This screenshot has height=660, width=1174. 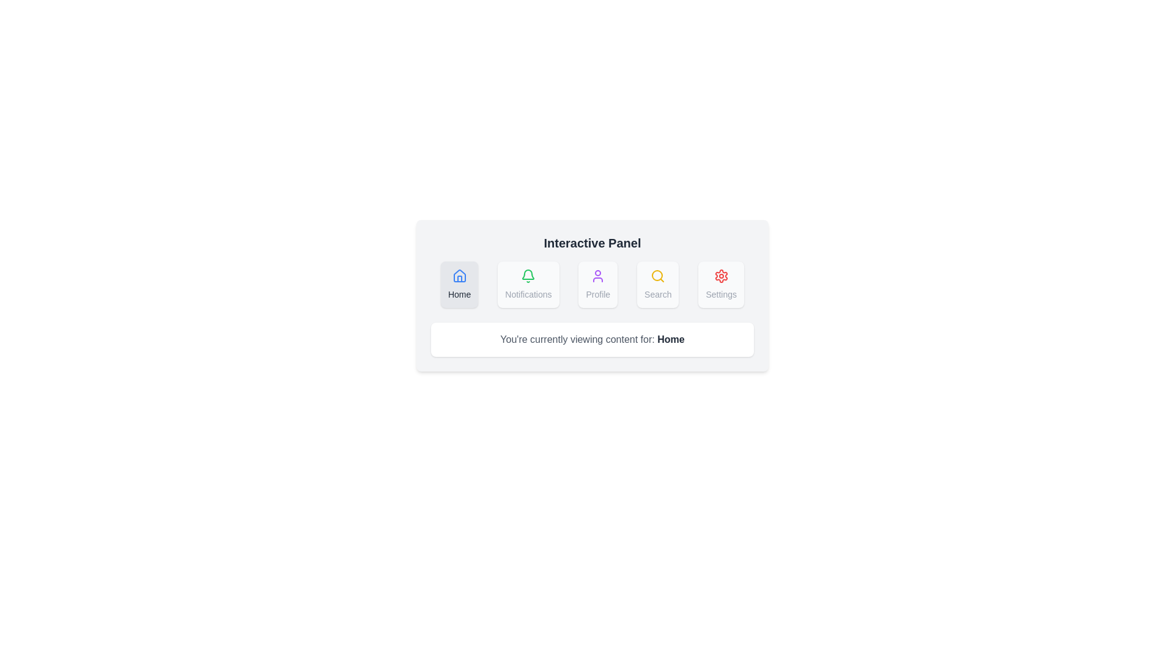 What do you see at coordinates (657, 276) in the screenshot?
I see `the central circular part of the 'Search' icon, which is a yellow-bordered circular shape within the magnifying glass representation` at bounding box center [657, 276].